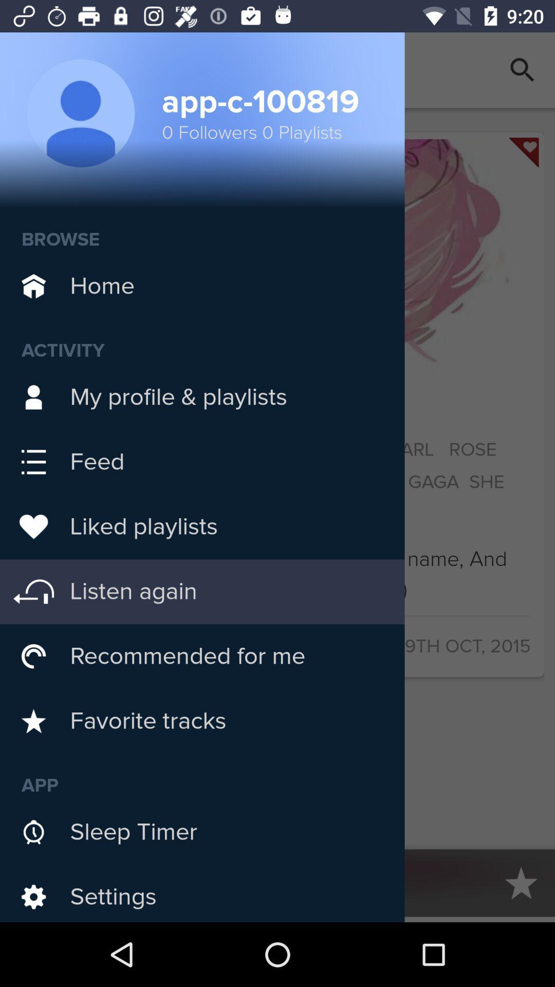 The image size is (555, 987). Describe the element at coordinates (33, 882) in the screenshot. I see `the settings icon` at that location.